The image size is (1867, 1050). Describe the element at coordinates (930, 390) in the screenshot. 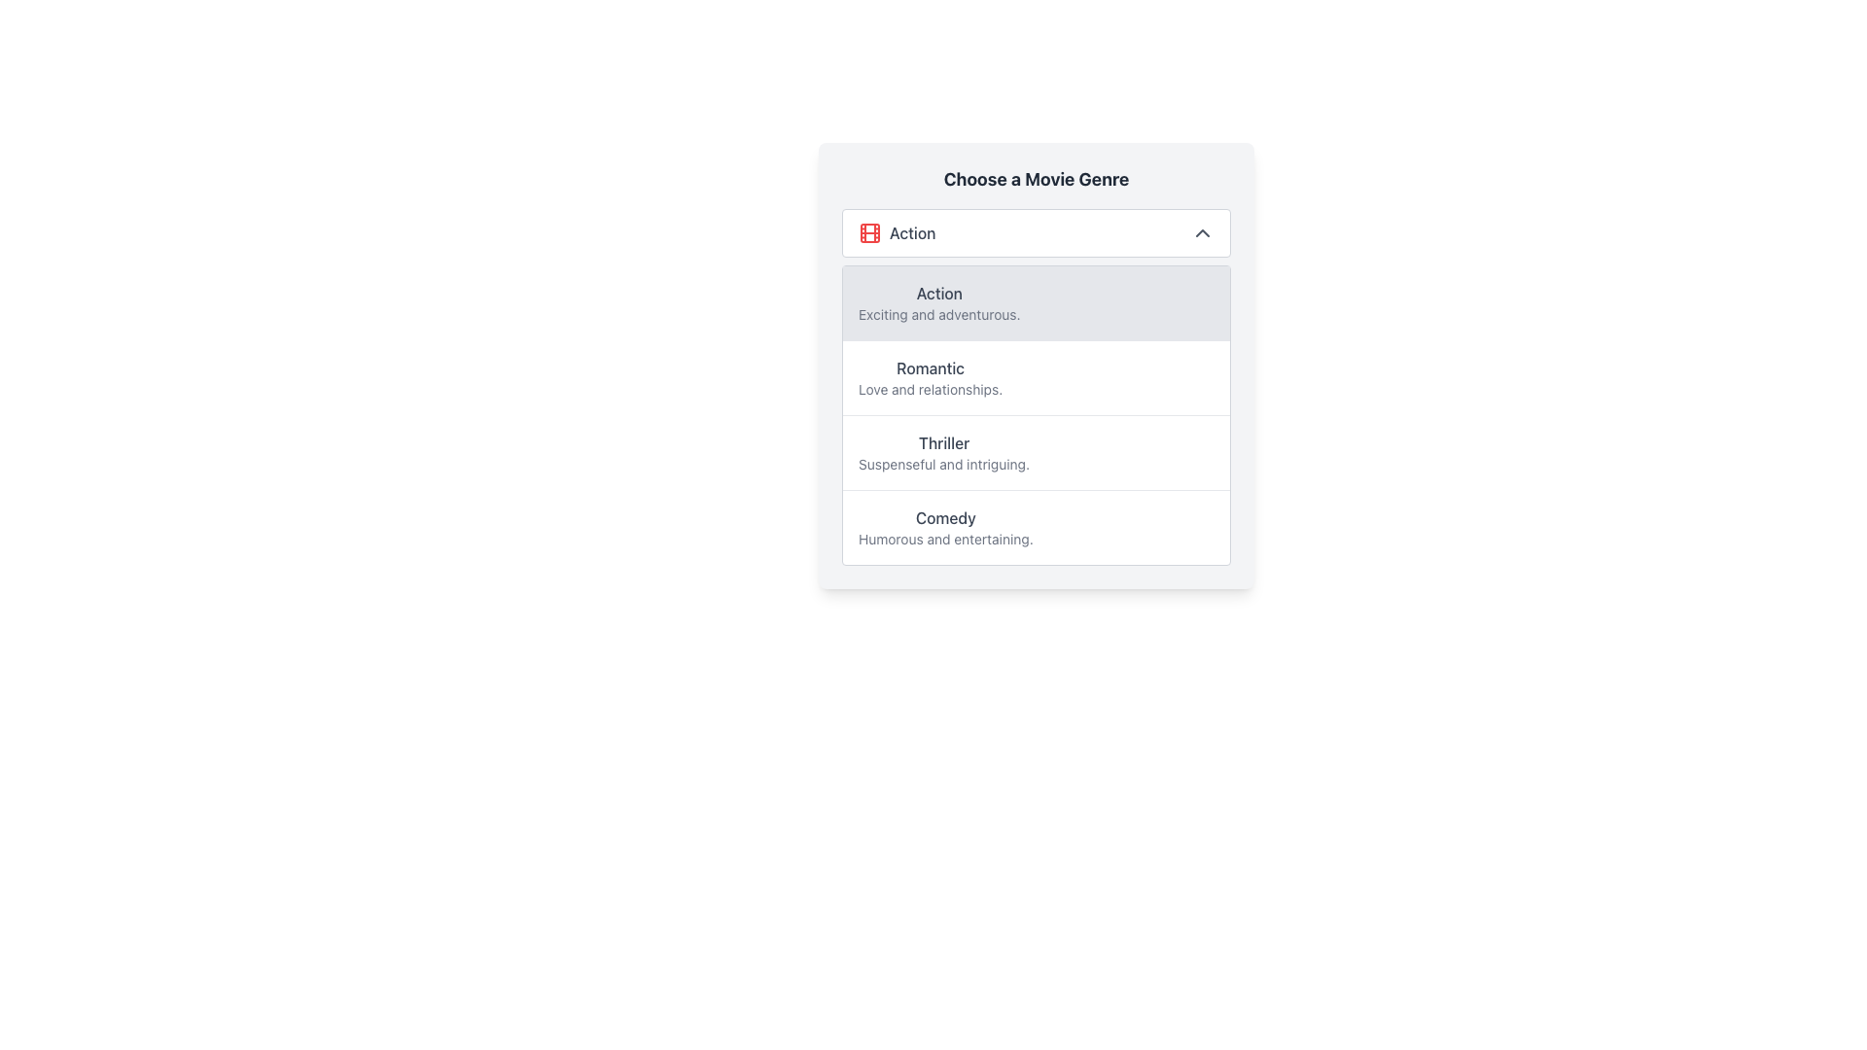

I see `the static text label that provides a description of the 'Romantic' movie genre, positioned directly below the 'Romantic' heading` at that location.